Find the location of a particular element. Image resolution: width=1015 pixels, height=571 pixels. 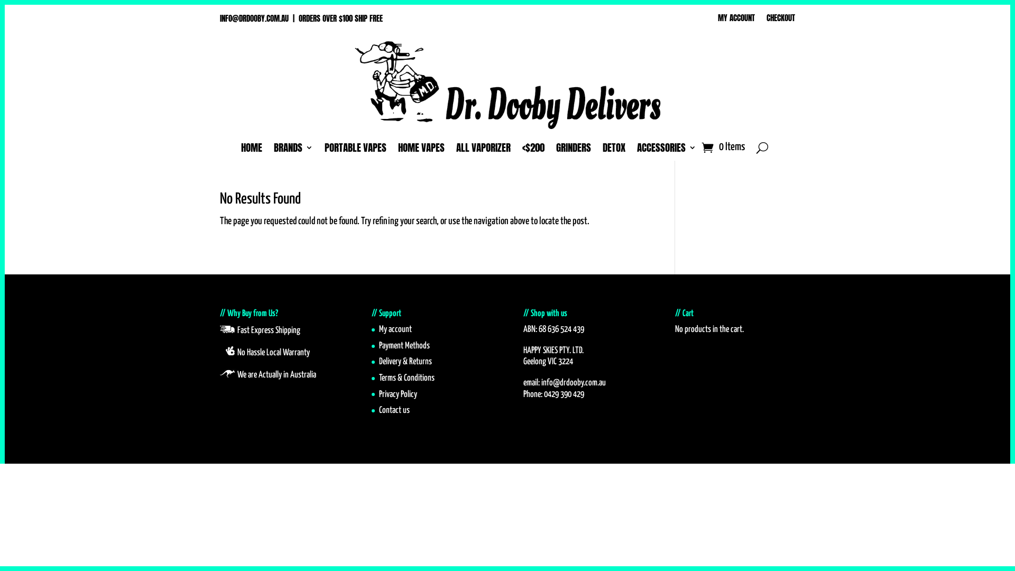

'INFO@DRDOOBY.COM.AU' is located at coordinates (254, 18).